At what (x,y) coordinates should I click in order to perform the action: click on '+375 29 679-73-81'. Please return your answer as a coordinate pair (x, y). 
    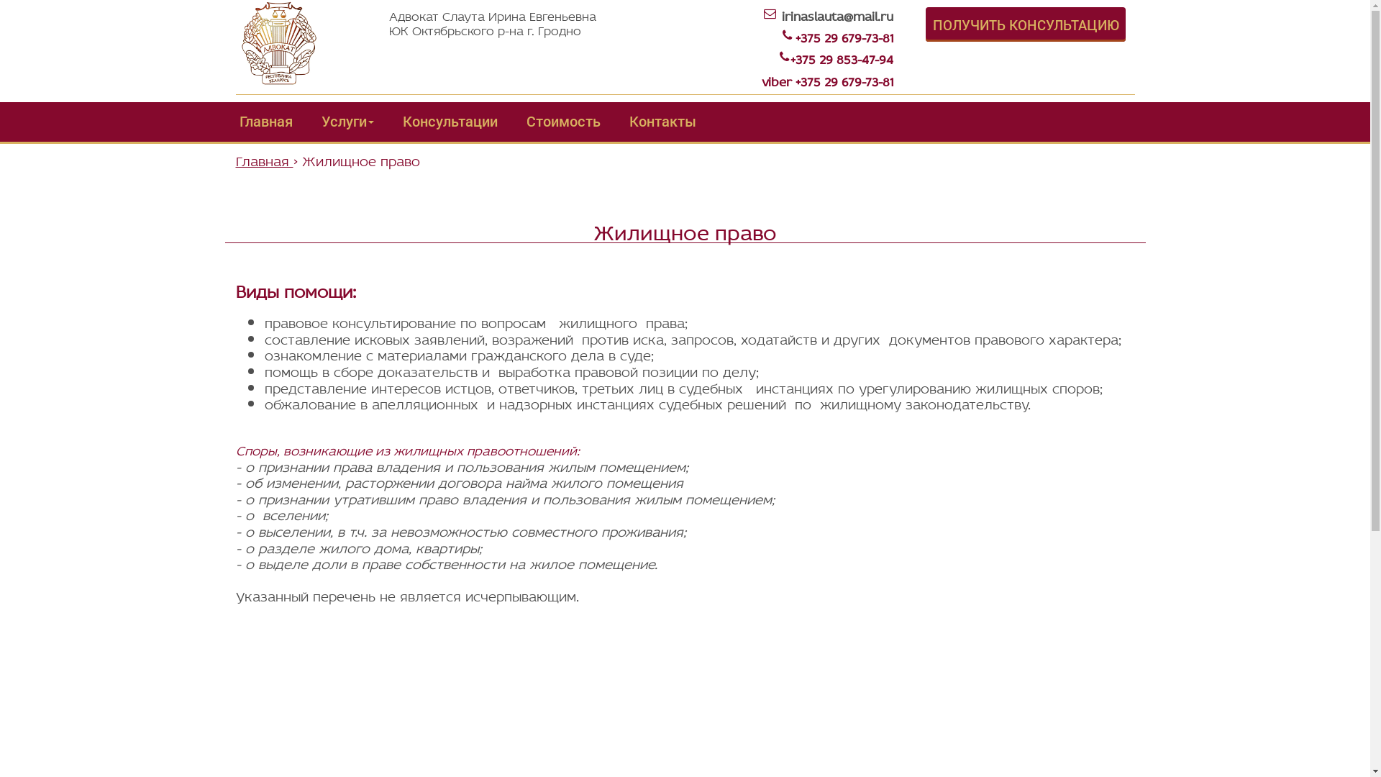
    Looking at the image, I should click on (844, 35).